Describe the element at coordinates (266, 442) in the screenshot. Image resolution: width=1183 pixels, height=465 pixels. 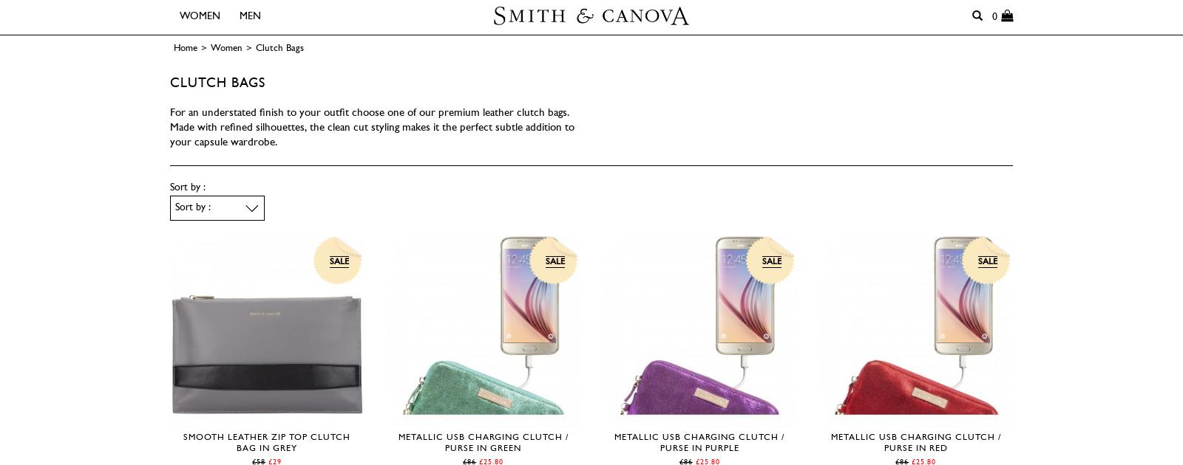
I see `'Smooth Leather Zip Top Clutch Bag in Grey'` at that location.